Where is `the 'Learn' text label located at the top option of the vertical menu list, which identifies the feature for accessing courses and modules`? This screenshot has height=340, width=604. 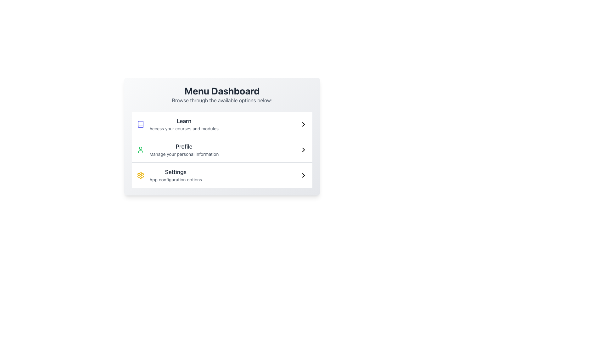
the 'Learn' text label located at the top option of the vertical menu list, which identifies the feature for accessing courses and modules is located at coordinates (184, 121).